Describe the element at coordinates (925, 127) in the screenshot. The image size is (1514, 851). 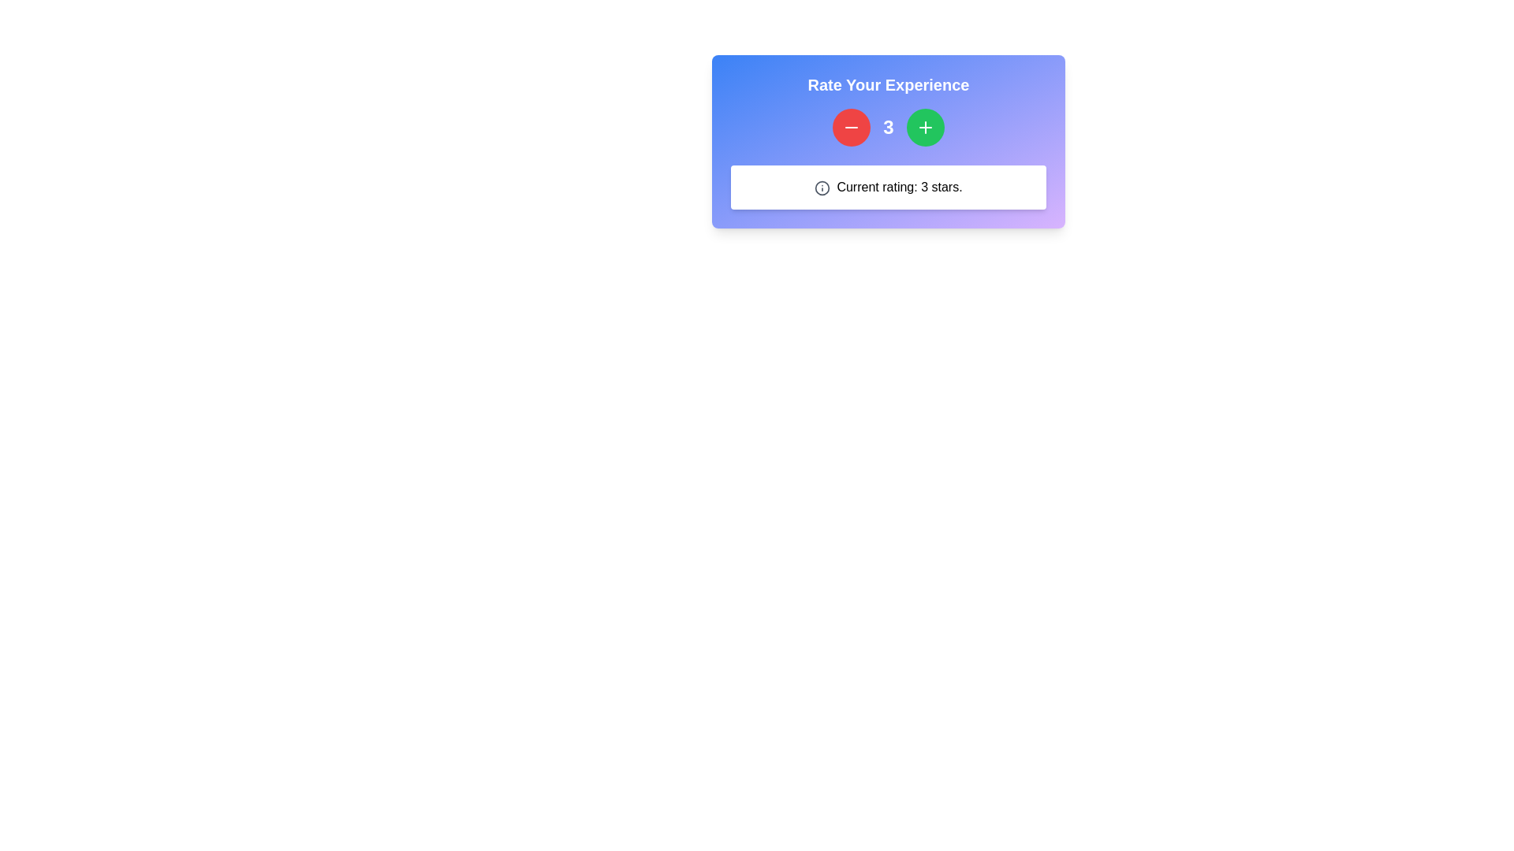
I see `the increment button located in the top-right section of the rating interface to increase the numerical rating displayed next to it` at that location.